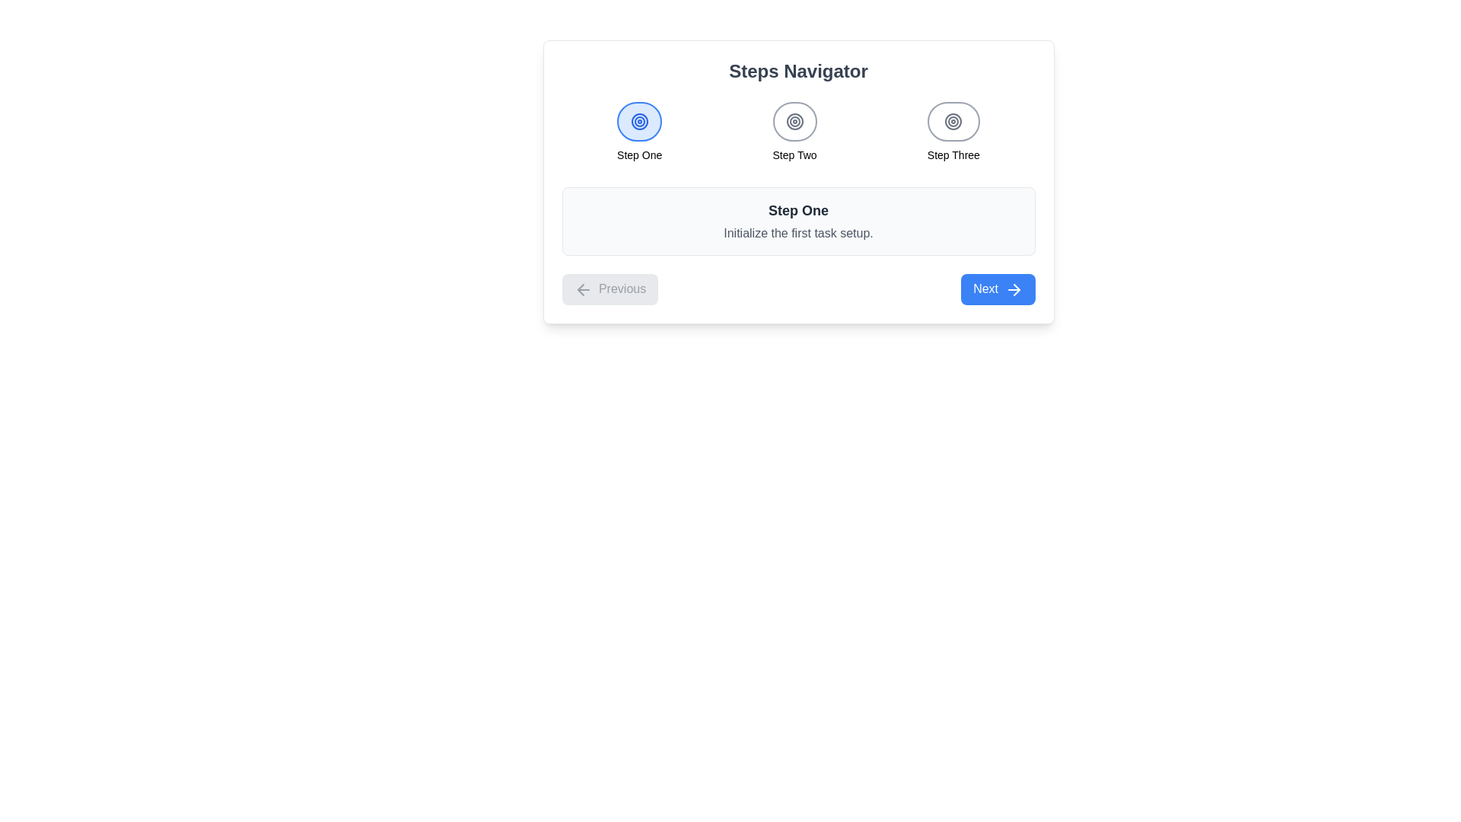  What do you see at coordinates (794, 120) in the screenshot?
I see `the middle circular shape within the SVG graphic that represents the second step labeled 'Step Two' in the steps navigator interface` at bounding box center [794, 120].